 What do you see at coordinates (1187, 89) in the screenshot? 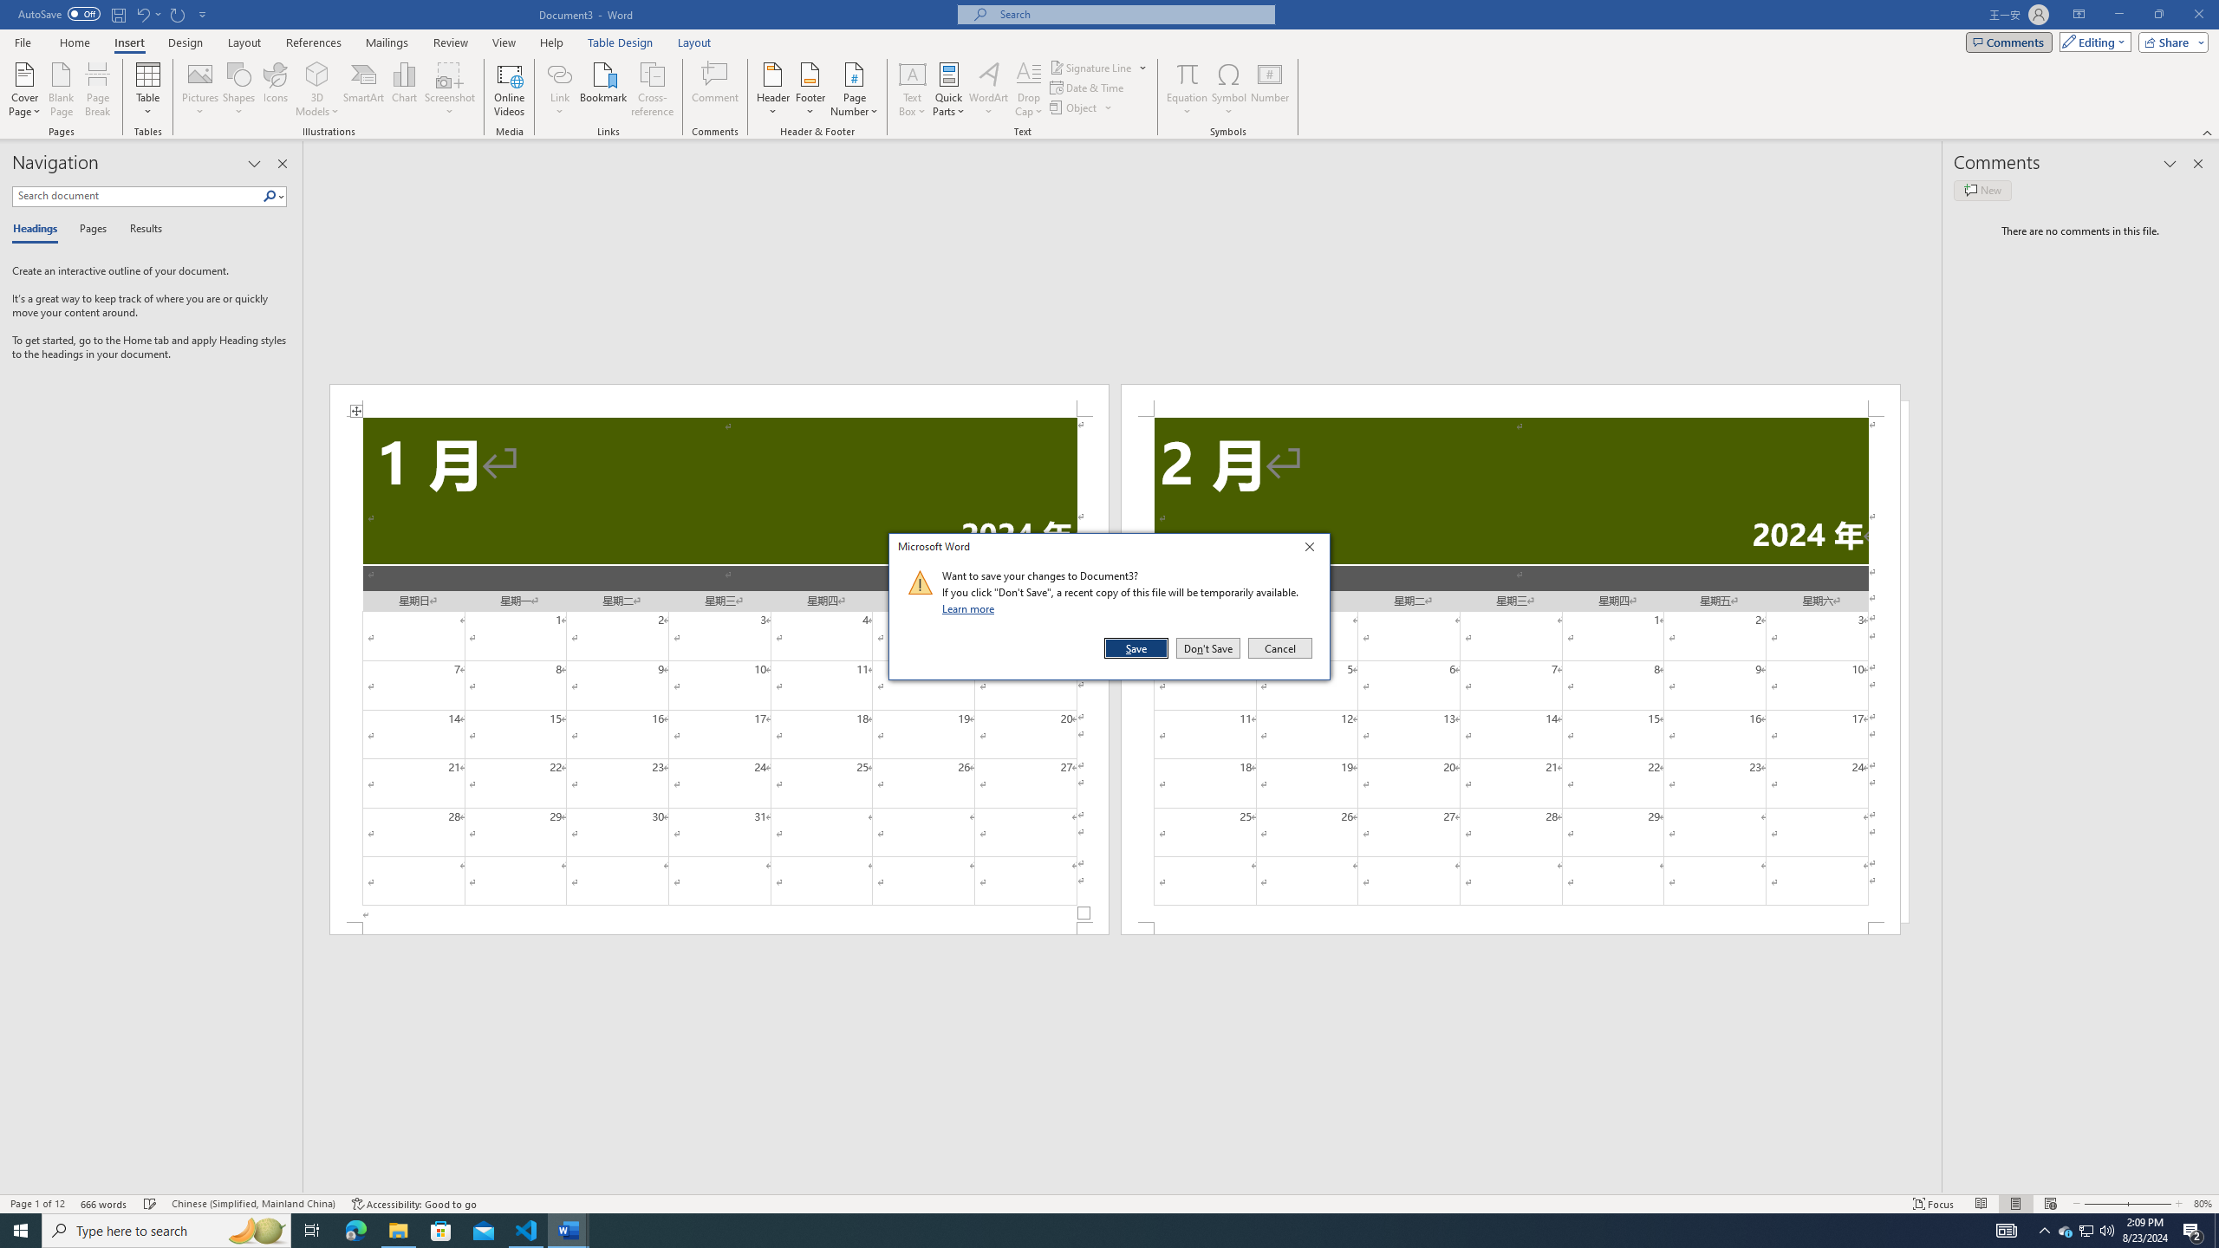
I see `'Equation'` at bounding box center [1187, 89].